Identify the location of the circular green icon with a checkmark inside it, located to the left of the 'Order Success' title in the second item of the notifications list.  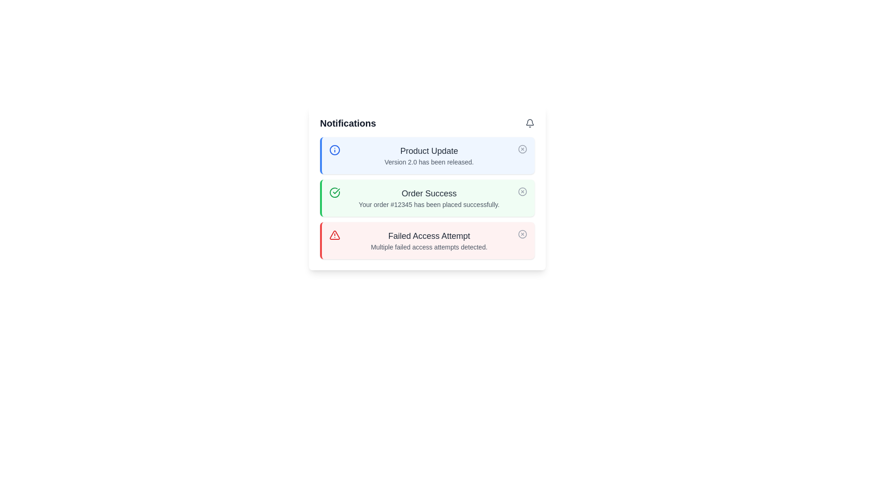
(334, 192).